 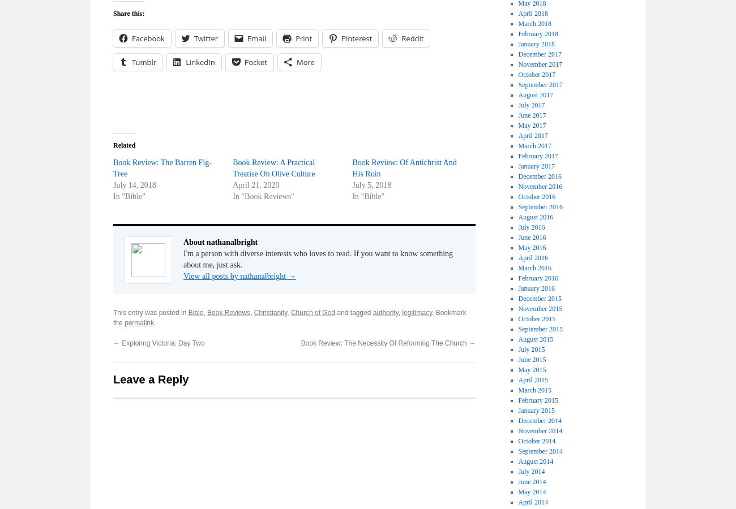 What do you see at coordinates (538, 278) in the screenshot?
I see `'February 2016'` at bounding box center [538, 278].